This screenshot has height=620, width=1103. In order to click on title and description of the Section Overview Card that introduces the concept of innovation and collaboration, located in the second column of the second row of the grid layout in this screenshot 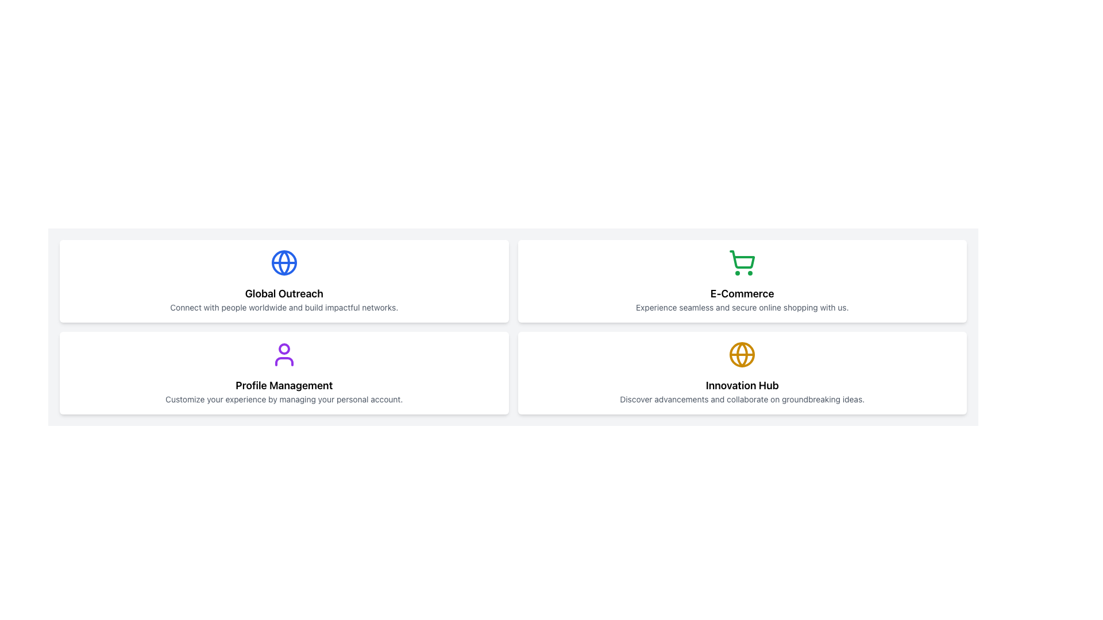, I will do `click(742, 373)`.